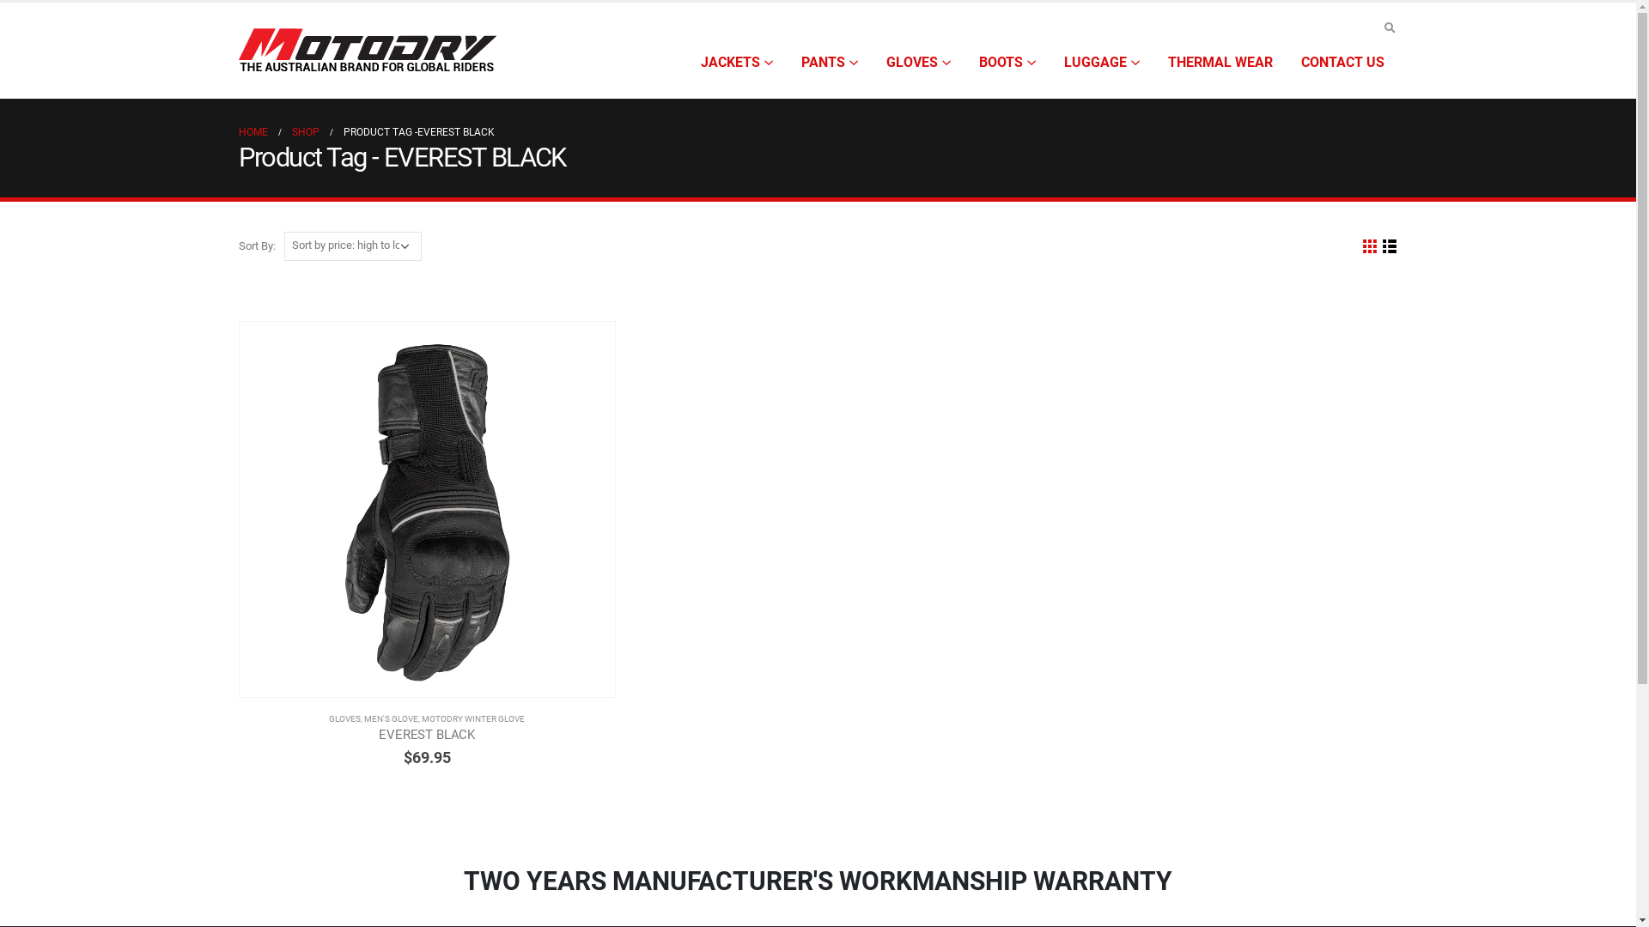  Describe the element at coordinates (1100, 62) in the screenshot. I see `'LUGGAGE'` at that location.